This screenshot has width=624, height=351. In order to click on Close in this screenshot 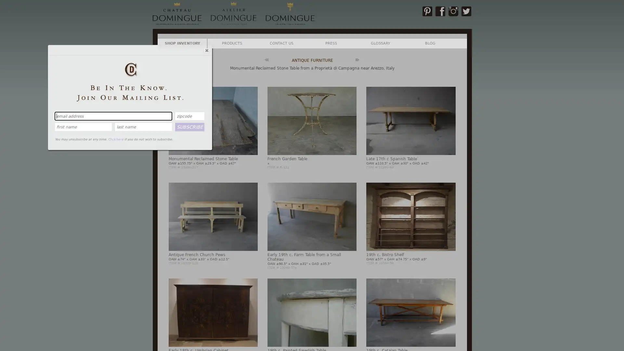, I will do `click(206, 50)`.